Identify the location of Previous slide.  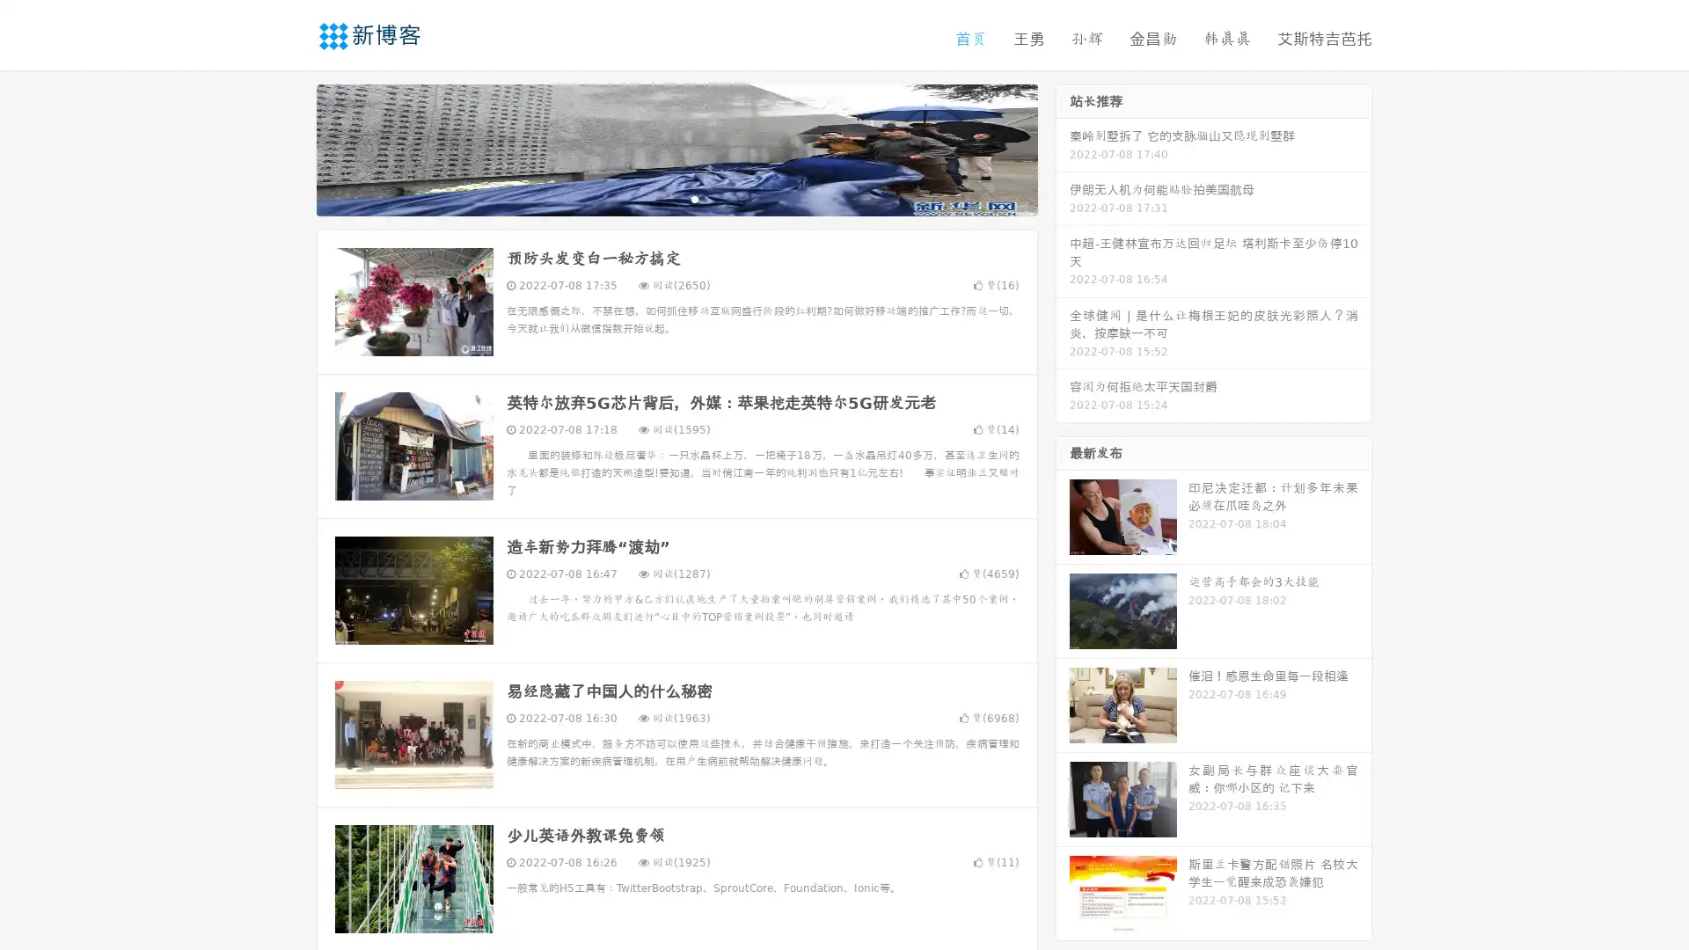
(290, 148).